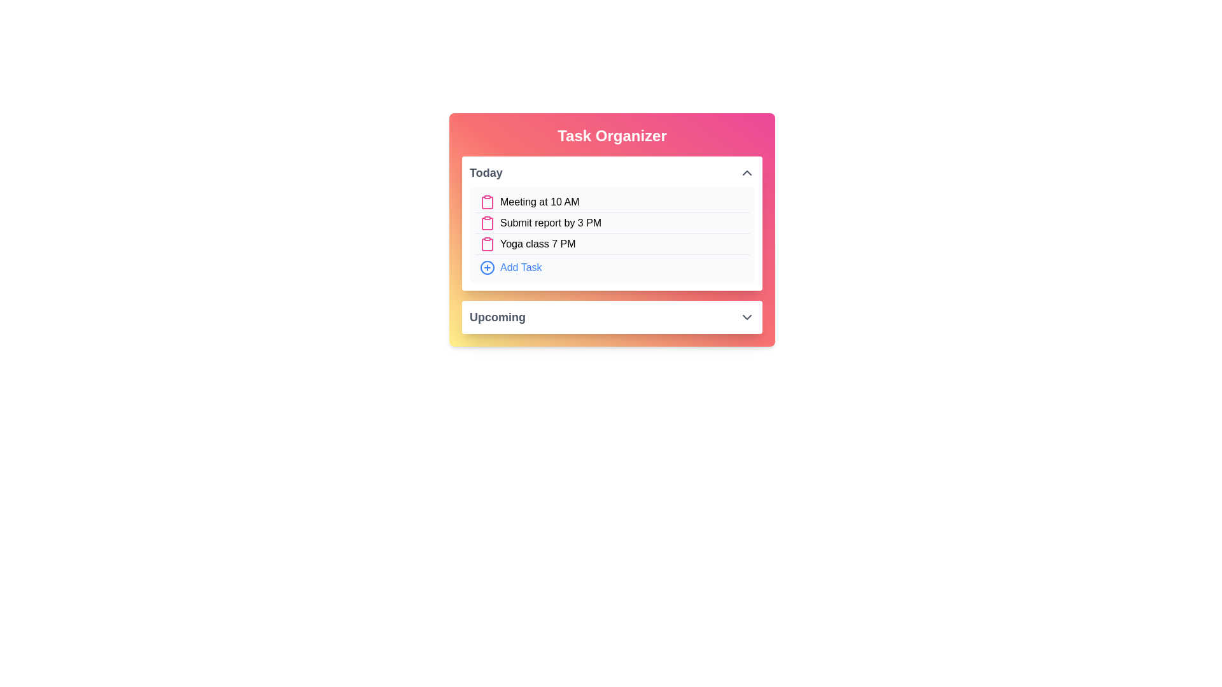 The width and height of the screenshot is (1222, 687). What do you see at coordinates (487, 267) in the screenshot?
I see `the icon to the left of the 'Add Task' text in the 'Task Organizer' interface` at bounding box center [487, 267].